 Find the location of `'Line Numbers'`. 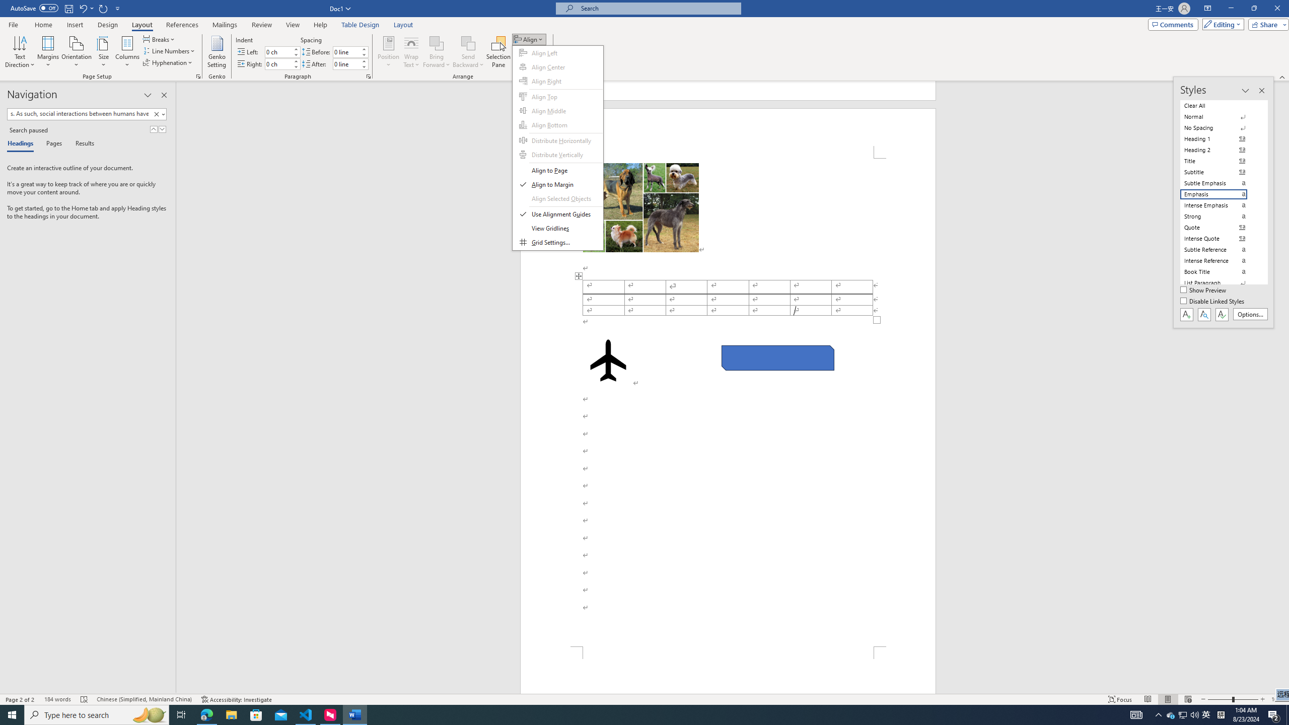

'Line Numbers' is located at coordinates (169, 50).